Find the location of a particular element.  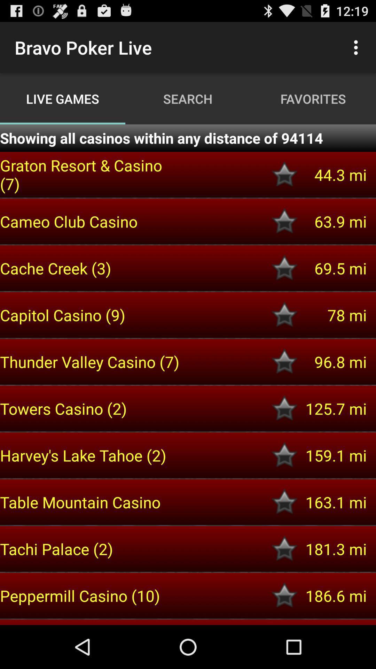

select option is located at coordinates (284, 175).